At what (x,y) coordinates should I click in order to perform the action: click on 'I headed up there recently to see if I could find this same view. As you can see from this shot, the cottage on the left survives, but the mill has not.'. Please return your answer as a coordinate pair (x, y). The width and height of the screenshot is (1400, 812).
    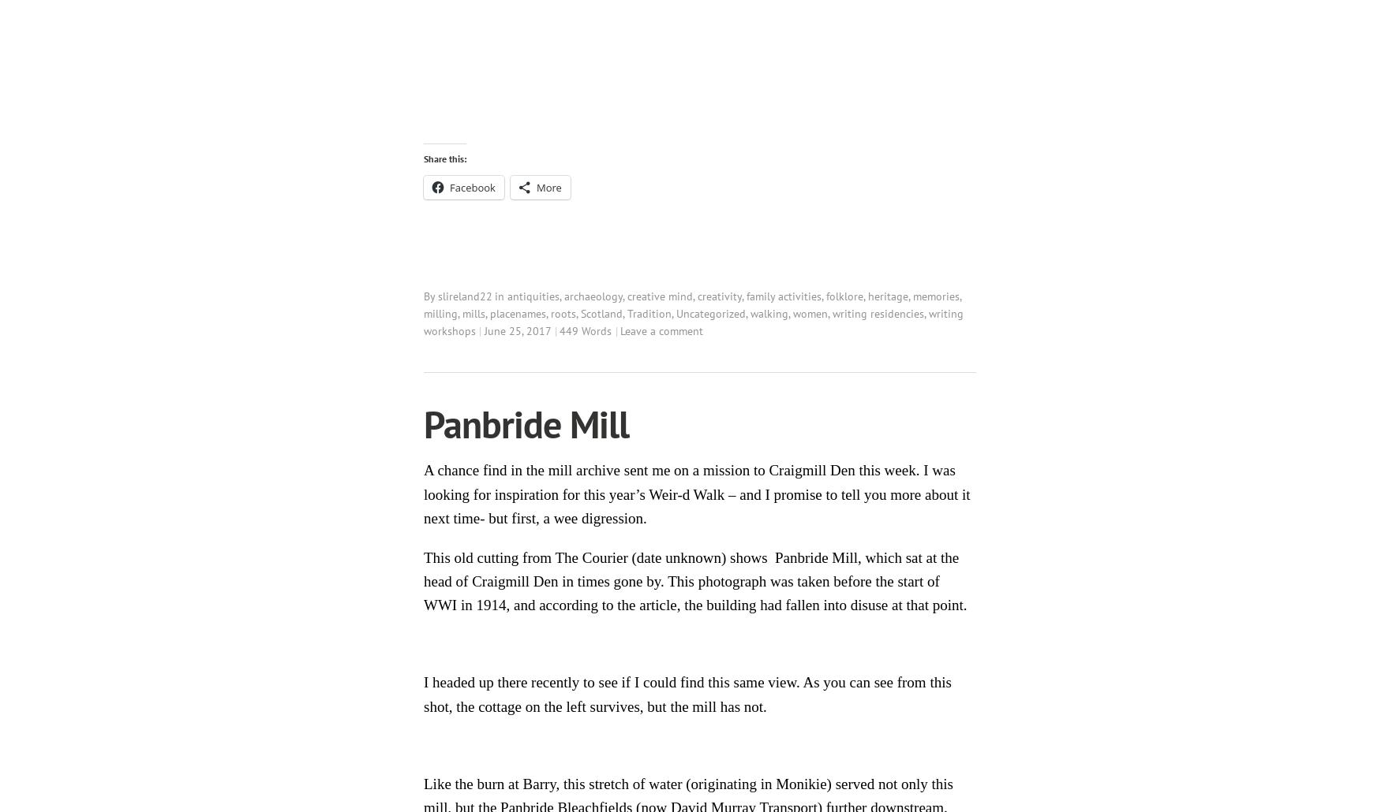
    Looking at the image, I should click on (687, 694).